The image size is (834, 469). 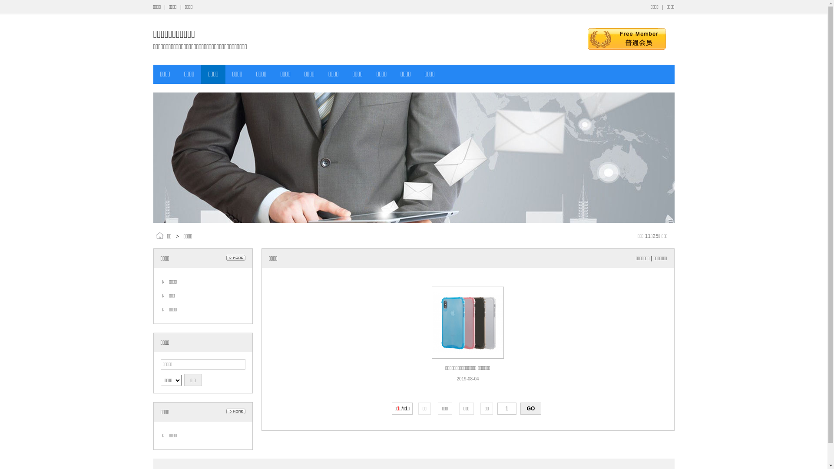 I want to click on 'GO', so click(x=520, y=409).